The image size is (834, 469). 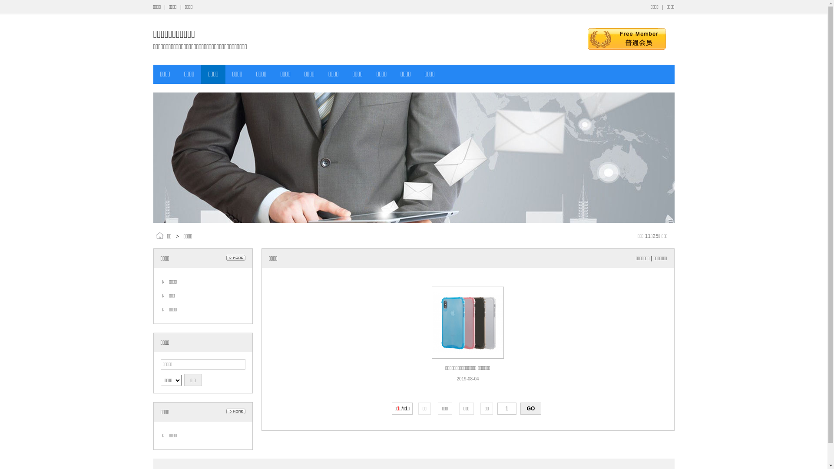 I want to click on 'GO', so click(x=520, y=409).